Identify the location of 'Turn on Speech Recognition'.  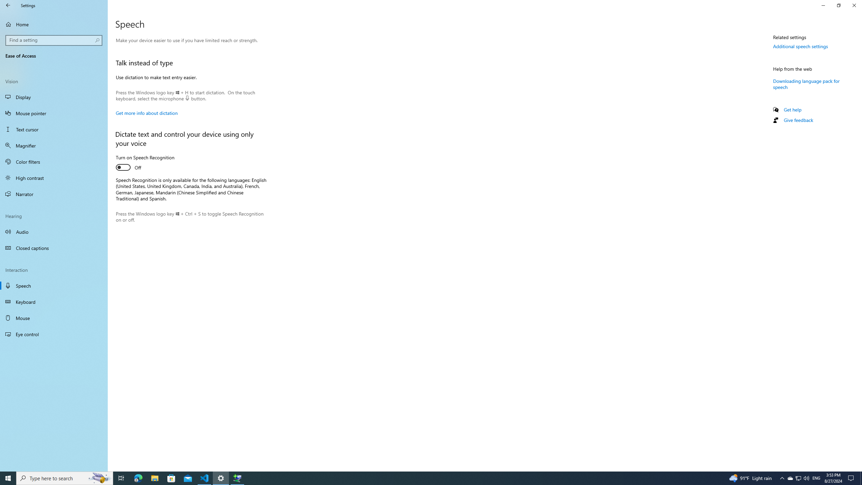
(145, 163).